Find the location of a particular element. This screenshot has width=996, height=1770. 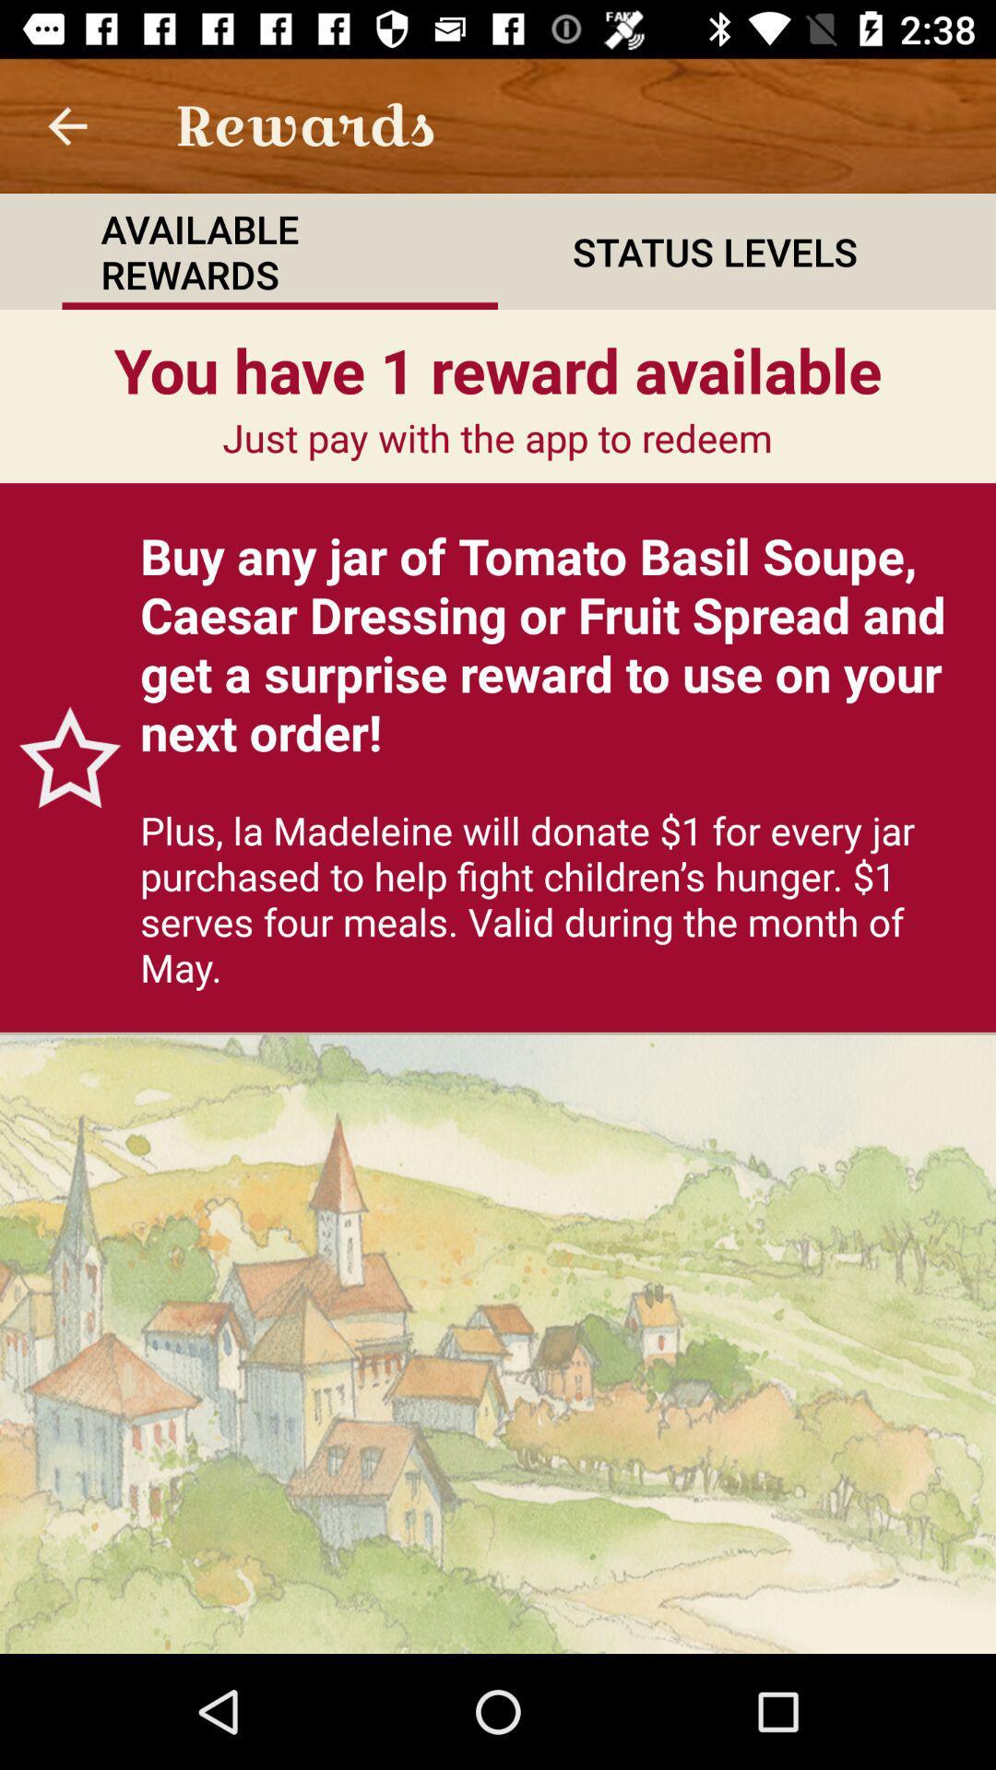

the app next to rewards app is located at coordinates (66, 124).